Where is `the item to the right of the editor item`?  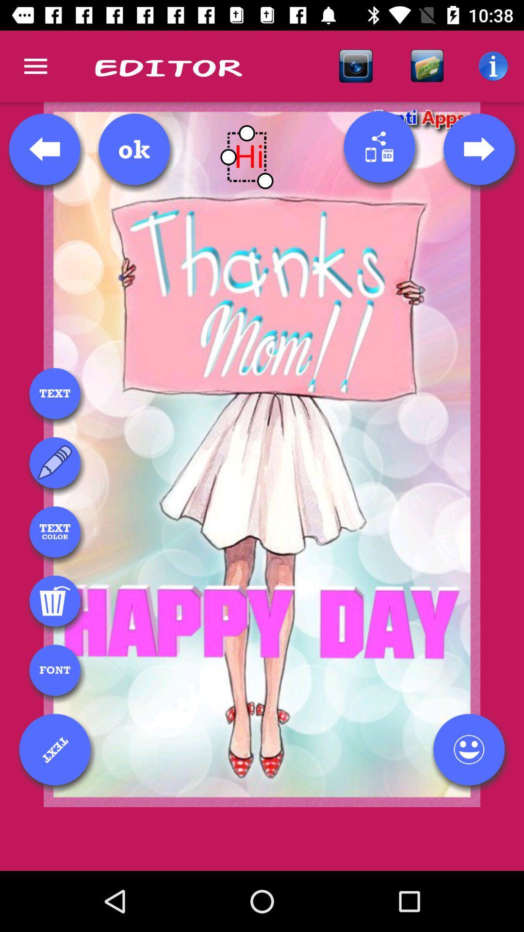
the item to the right of the editor item is located at coordinates (356, 66).